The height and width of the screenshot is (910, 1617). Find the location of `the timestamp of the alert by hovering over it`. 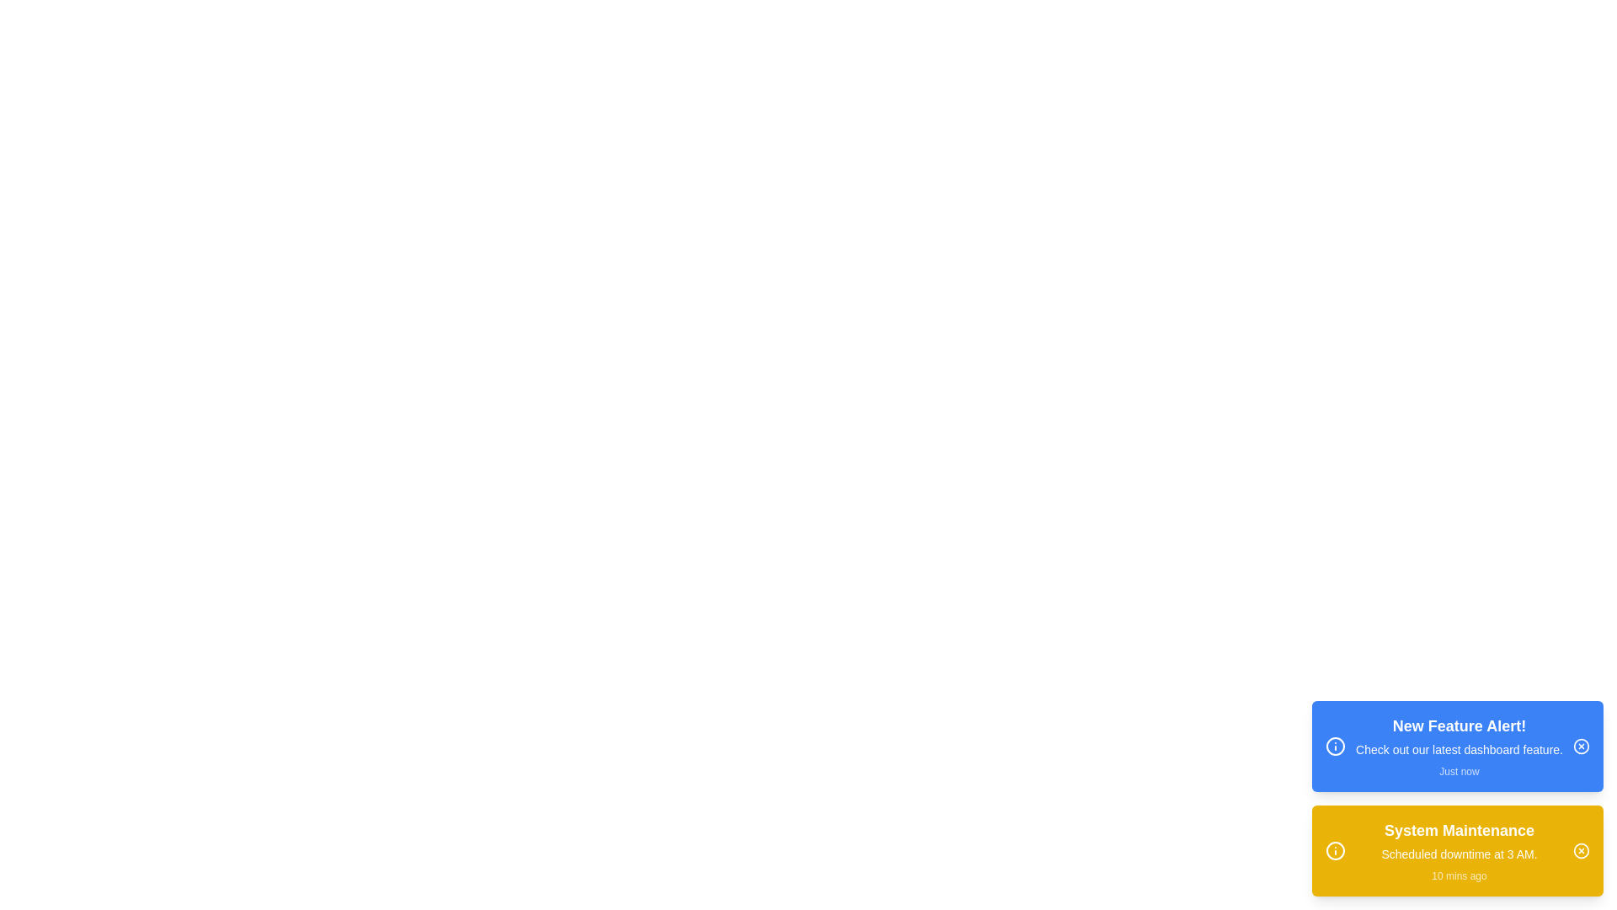

the timestamp of the alert by hovering over it is located at coordinates (1458, 771).